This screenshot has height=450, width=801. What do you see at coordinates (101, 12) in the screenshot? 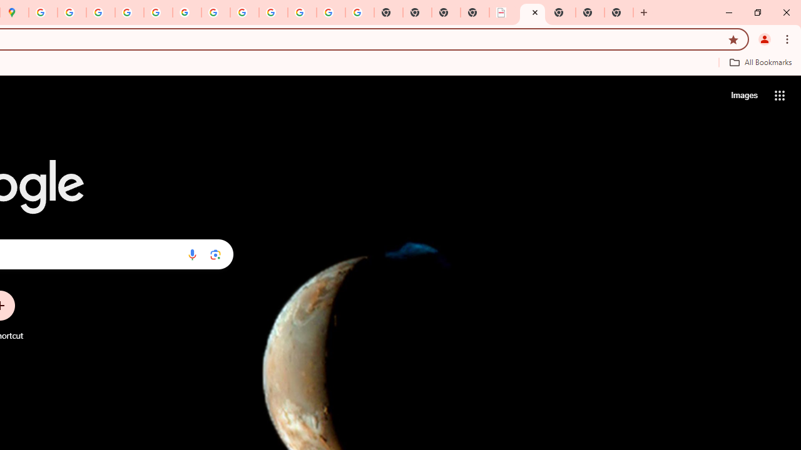
I see `'Privacy Help Center - Policies Help'` at bounding box center [101, 12].